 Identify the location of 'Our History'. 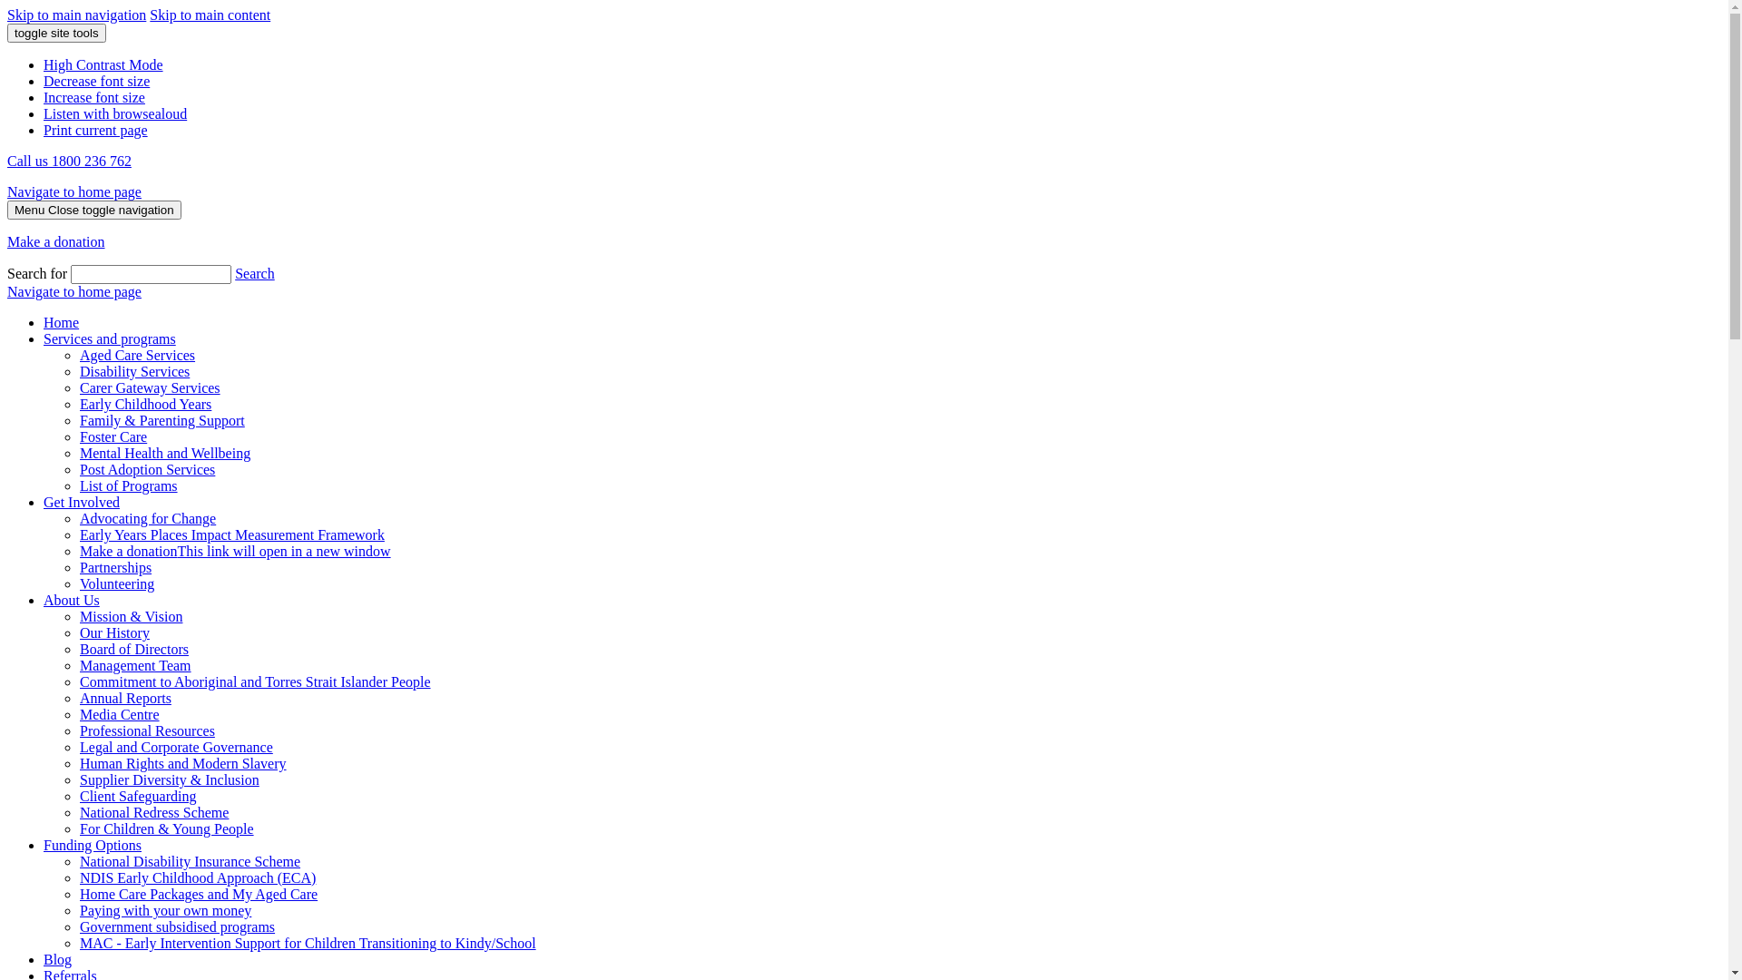
(78, 632).